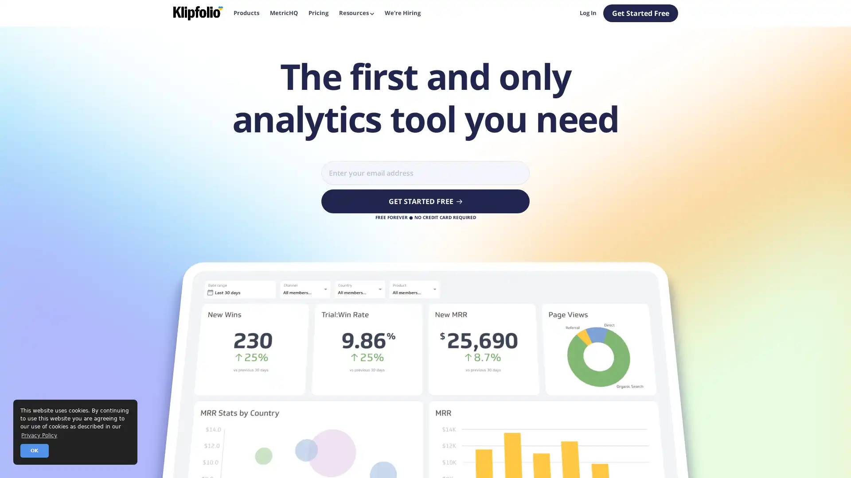 This screenshot has height=478, width=851. I want to click on learn more about cookies, so click(39, 435).